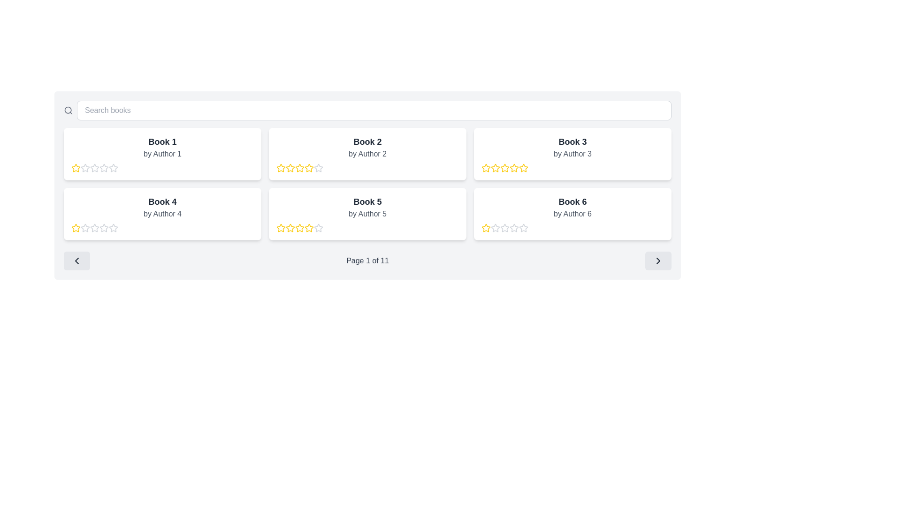 The image size is (901, 506). Describe the element at coordinates (367, 153) in the screenshot. I see `the second Information card displaying book details, including title, author, and rating, located in the first row, second column of a grid layout` at that location.